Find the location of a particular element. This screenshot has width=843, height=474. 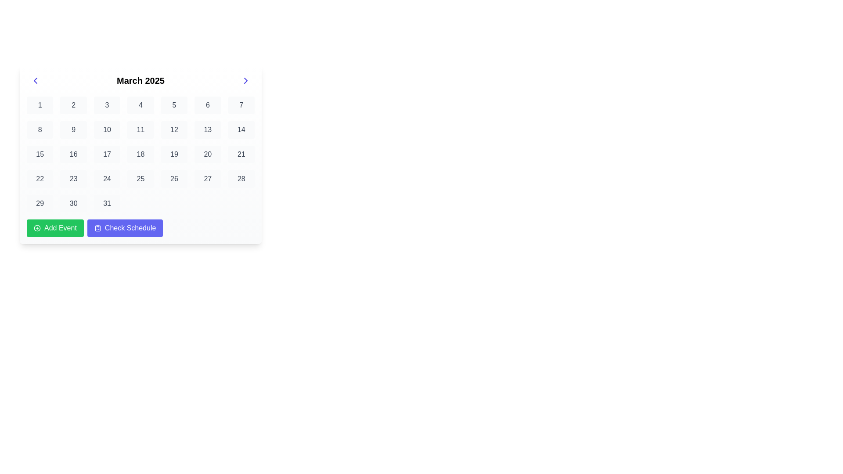

the circular outline component within the 'Add Event' button is located at coordinates (37, 228).